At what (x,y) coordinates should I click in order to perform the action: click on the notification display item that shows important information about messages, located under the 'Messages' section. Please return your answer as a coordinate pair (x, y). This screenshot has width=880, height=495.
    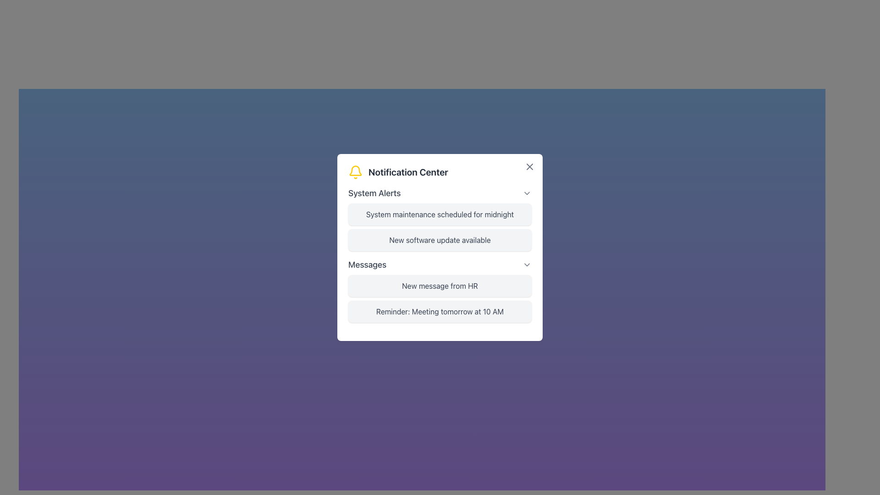
    Looking at the image, I should click on (440, 298).